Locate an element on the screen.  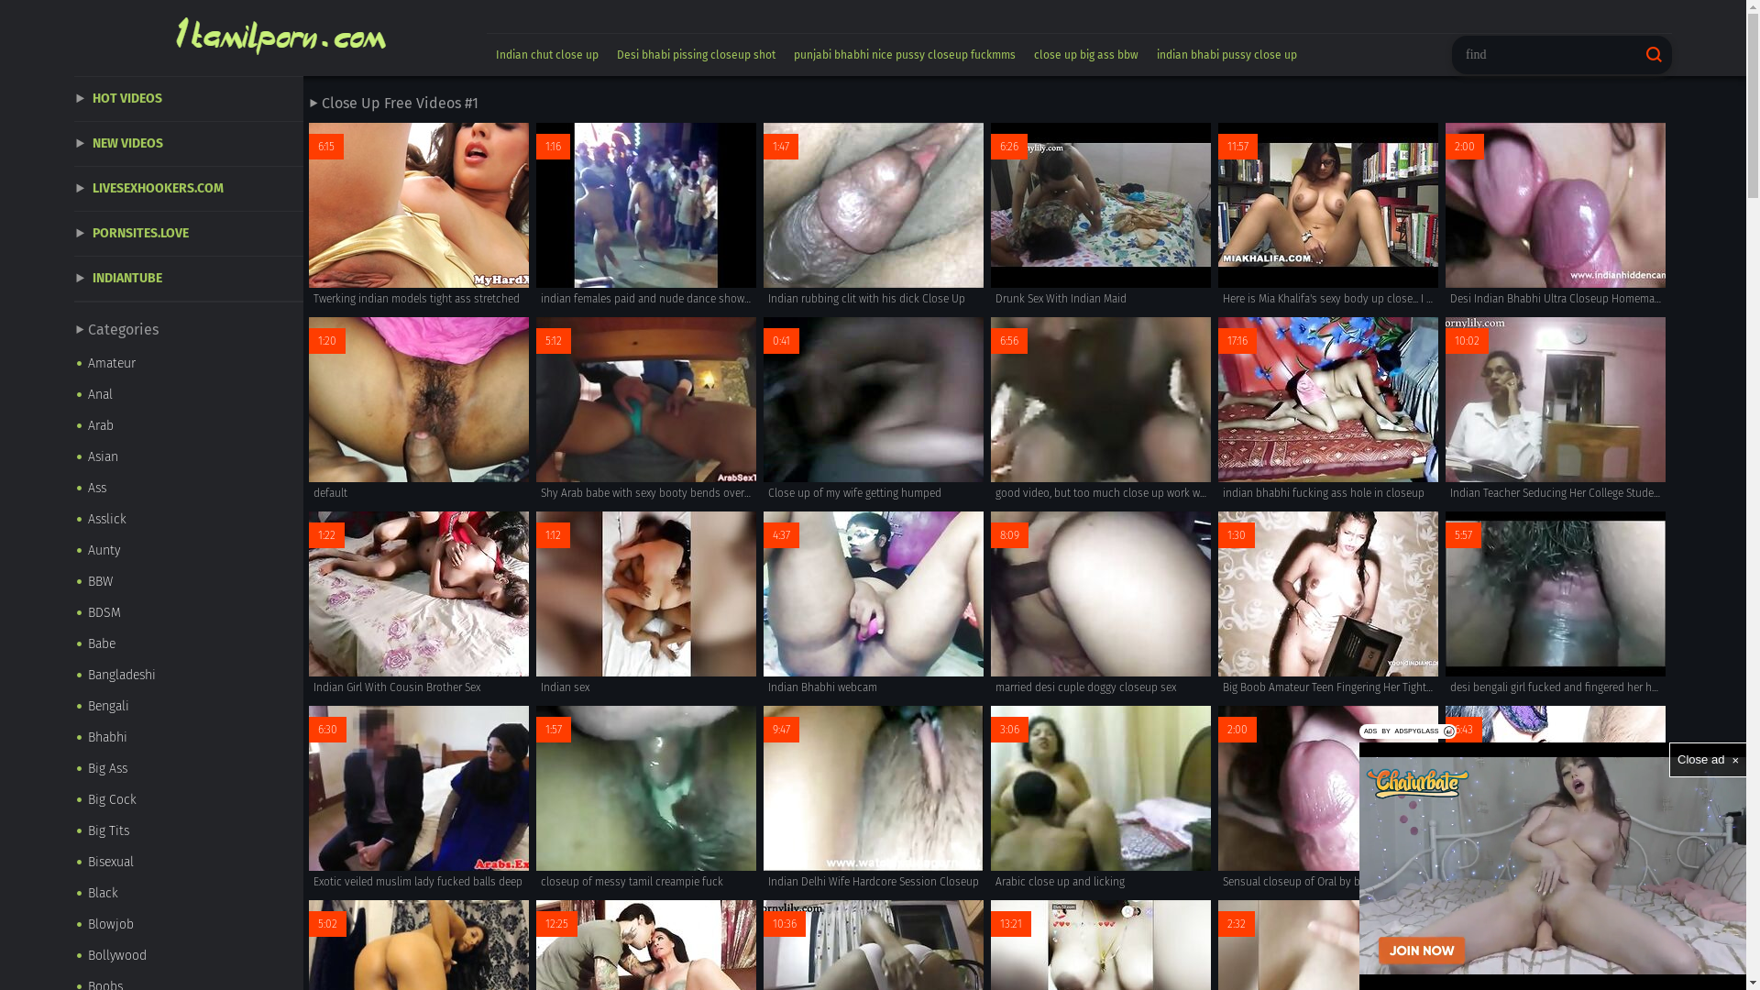
'Indian chut close up' is located at coordinates (545, 54).